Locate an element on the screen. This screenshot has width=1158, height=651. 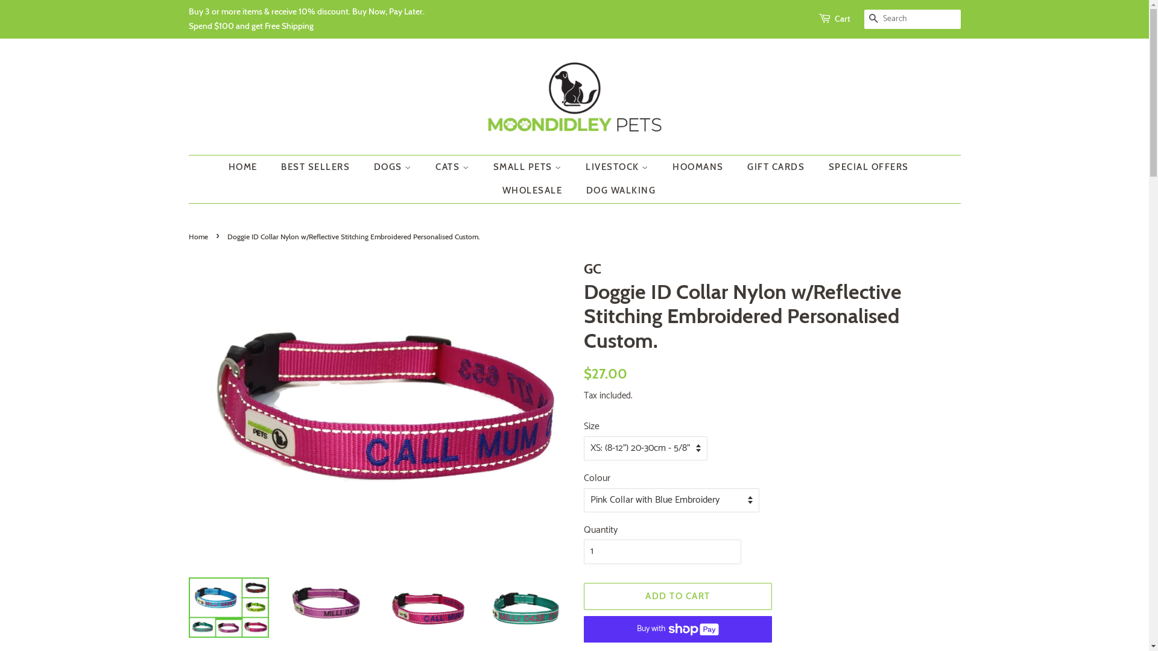
'SEARCH' is located at coordinates (873, 19).